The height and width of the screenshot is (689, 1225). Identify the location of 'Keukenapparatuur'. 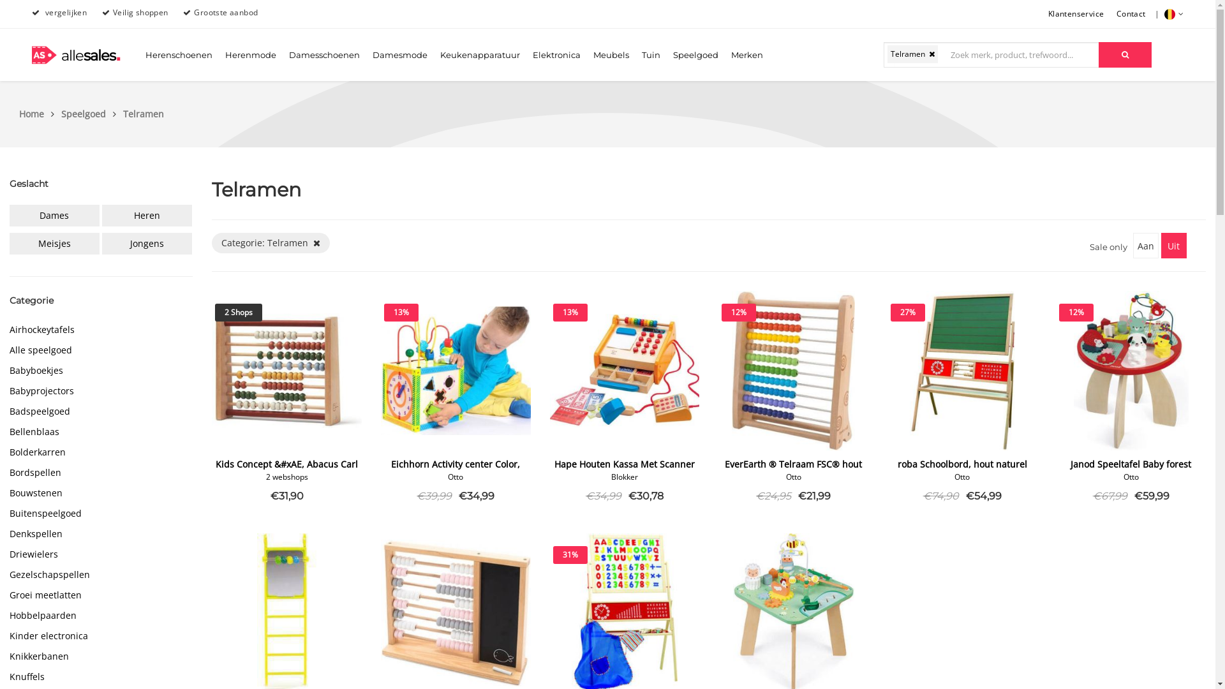
(434, 54).